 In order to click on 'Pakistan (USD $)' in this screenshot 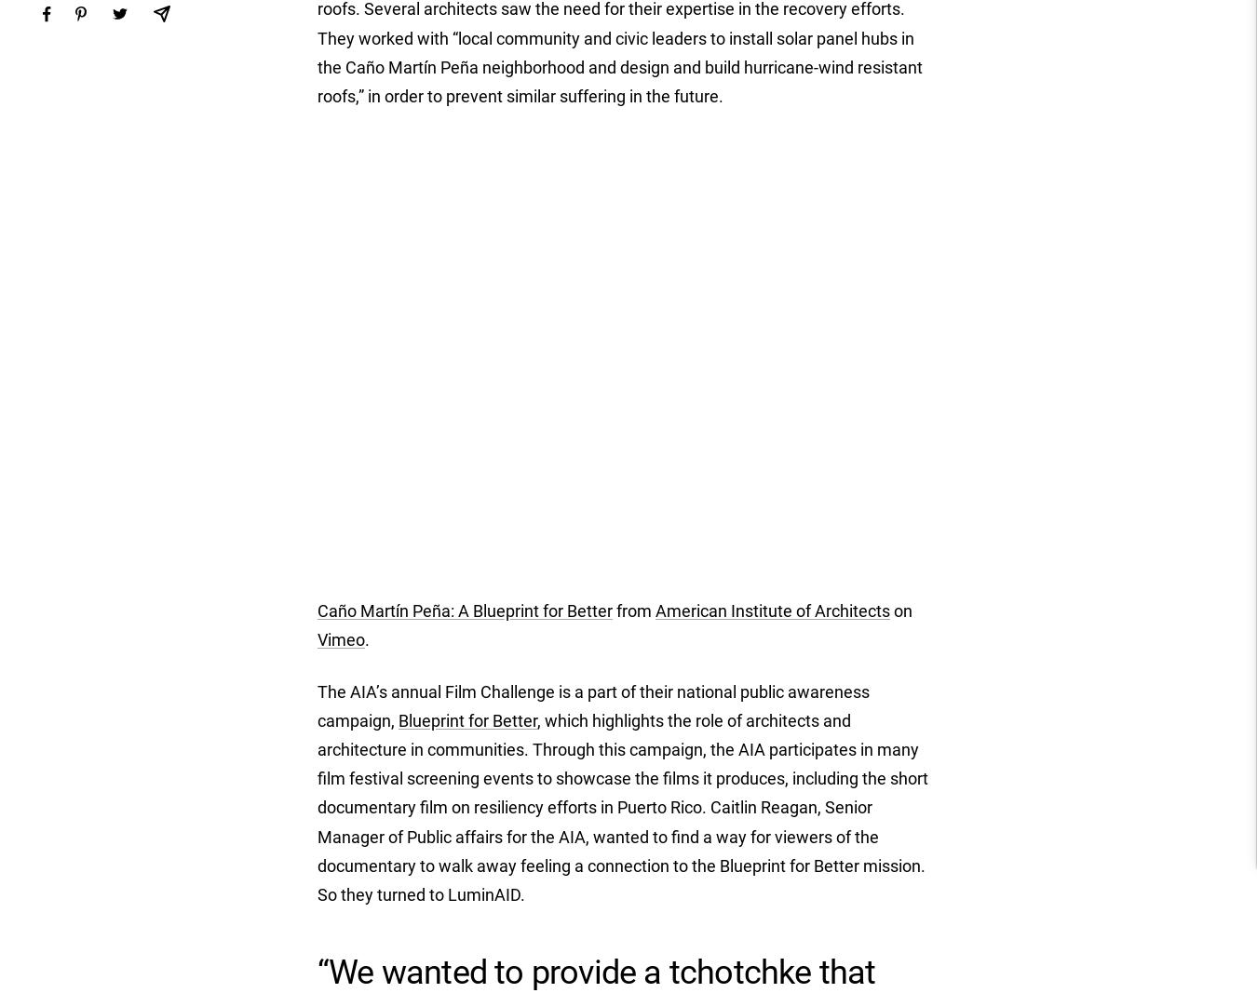, I will do `click(912, 899)`.